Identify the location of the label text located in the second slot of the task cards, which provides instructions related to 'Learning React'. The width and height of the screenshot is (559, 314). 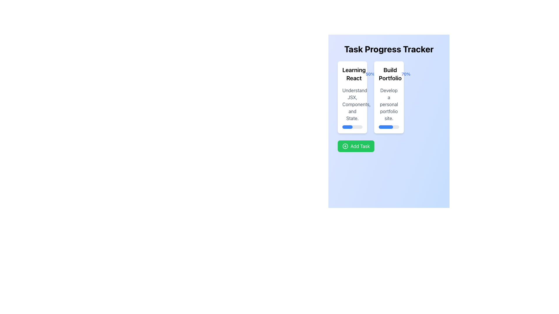
(352, 104).